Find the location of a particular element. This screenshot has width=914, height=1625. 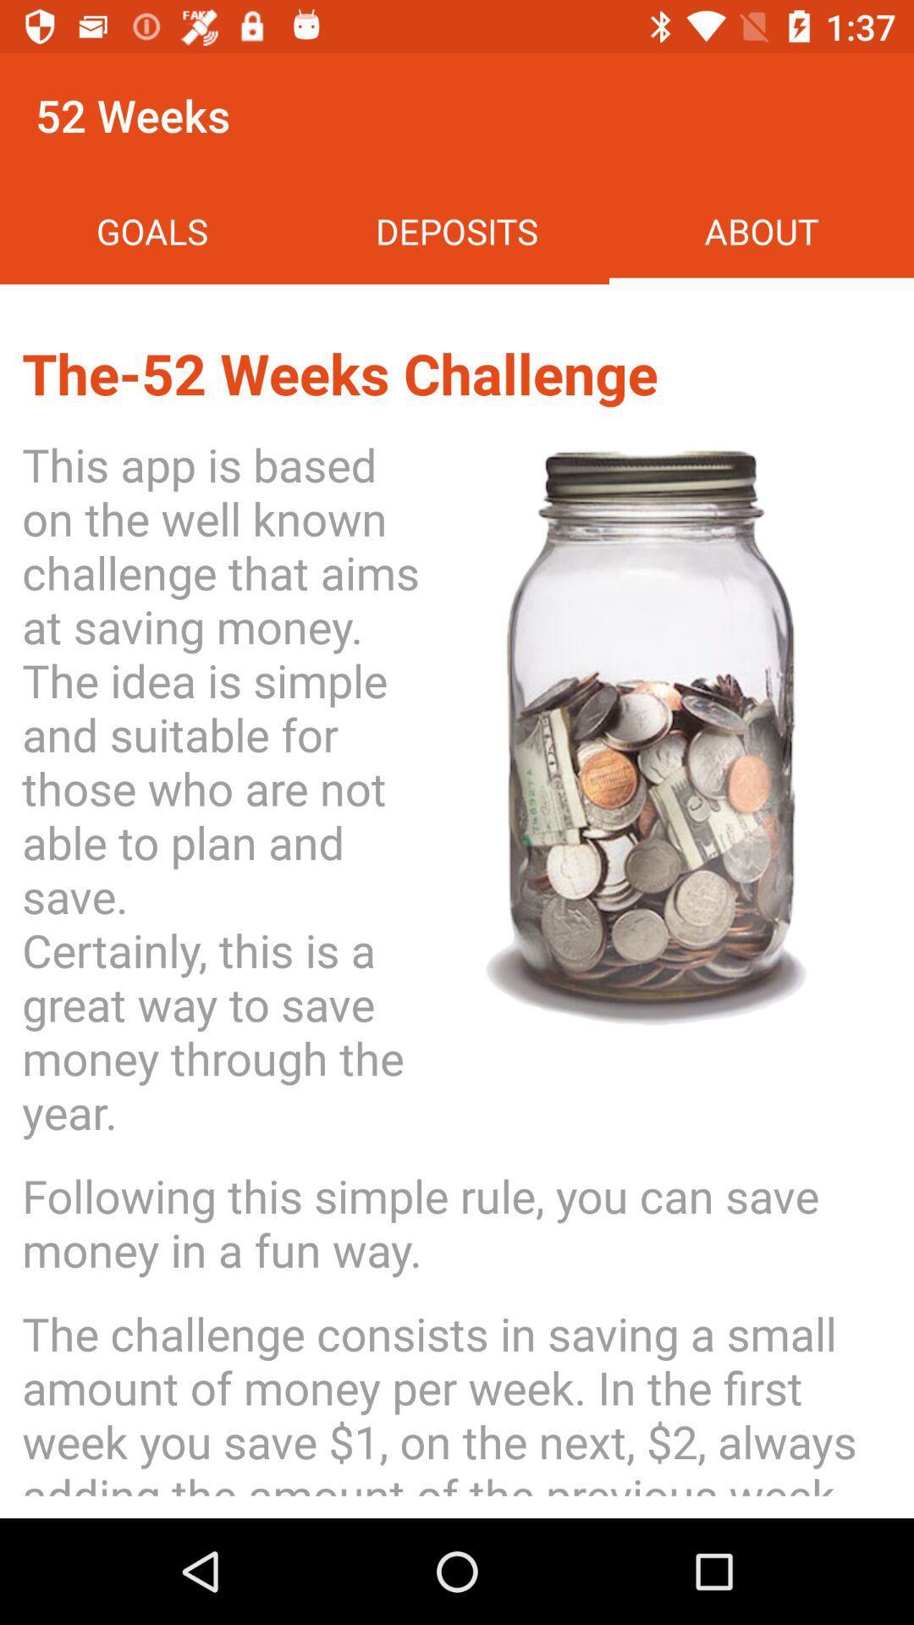

the app below the 52 weeks item is located at coordinates (152, 230).